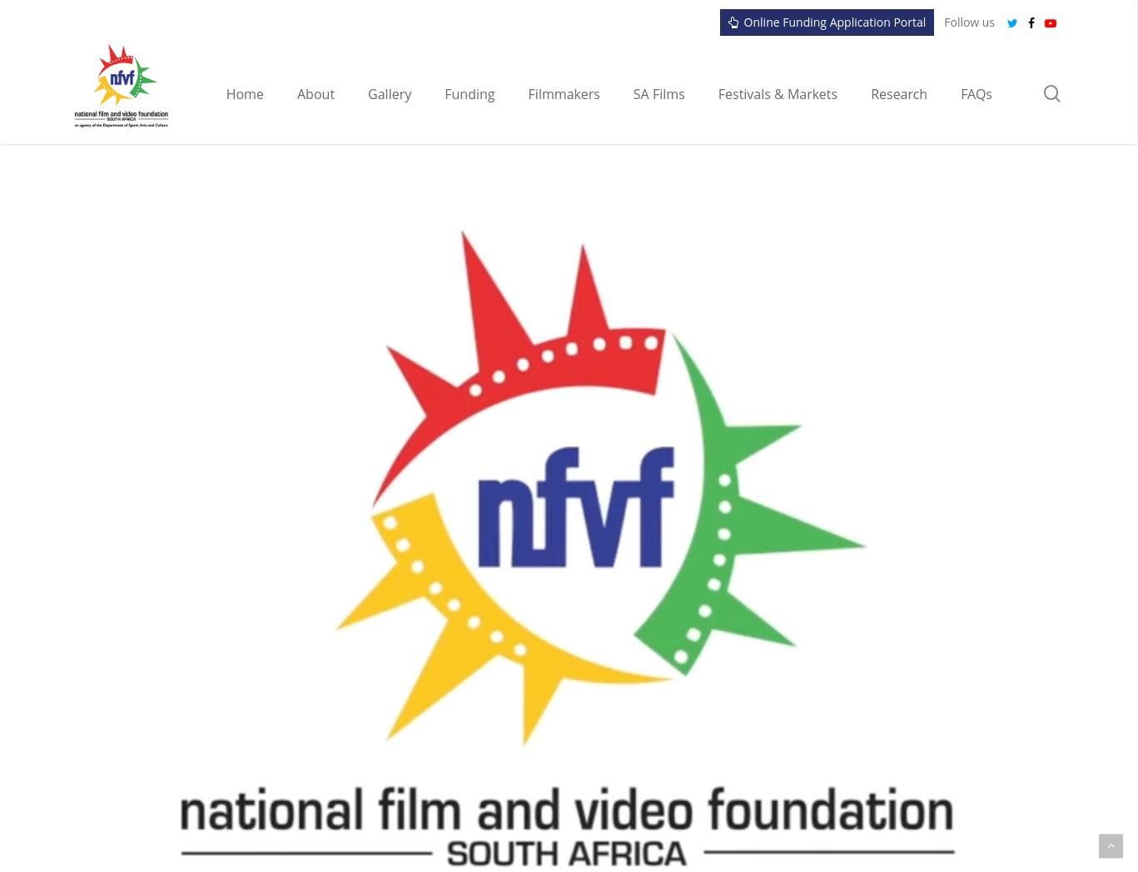 The image size is (1138, 872). I want to click on 'Follow us', so click(969, 21).